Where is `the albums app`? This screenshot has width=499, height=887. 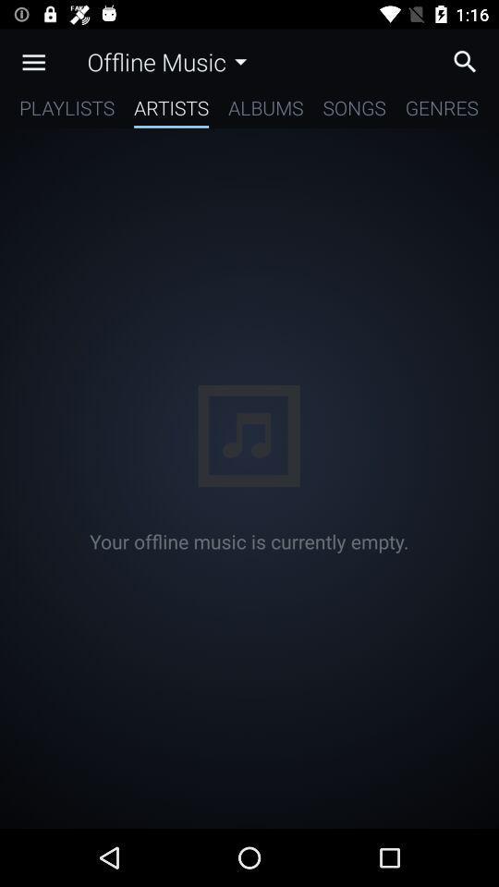 the albums app is located at coordinates (264, 111).